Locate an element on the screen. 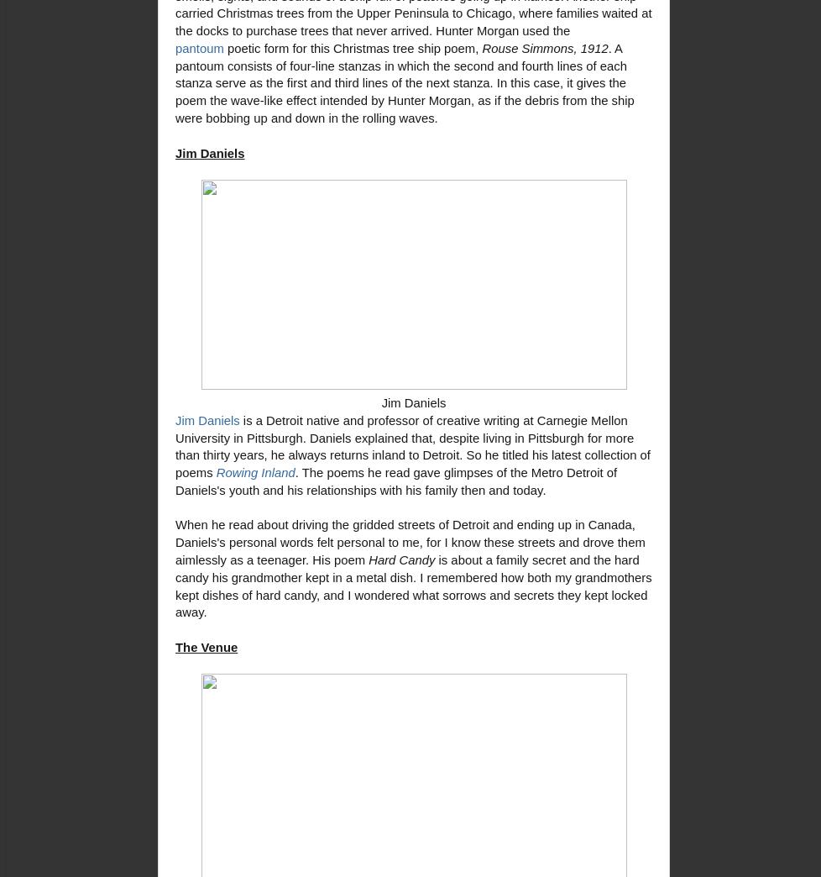  'The Venue' is located at coordinates (205, 646).